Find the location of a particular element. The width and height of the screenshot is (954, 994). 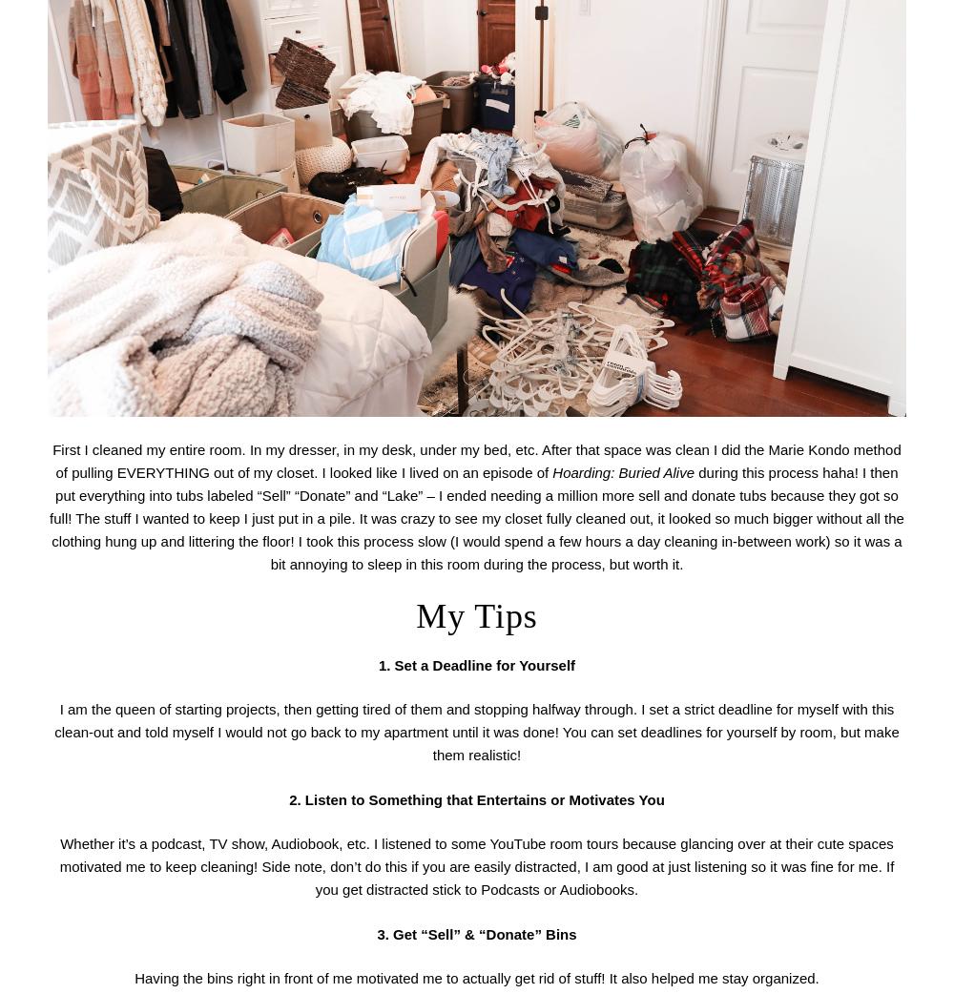

'Hoarding: Buried Alive' is located at coordinates (623, 471).